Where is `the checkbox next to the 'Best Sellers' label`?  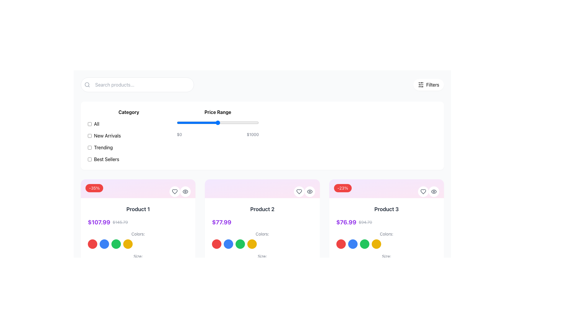 the checkbox next to the 'Best Sellers' label is located at coordinates (89, 159).